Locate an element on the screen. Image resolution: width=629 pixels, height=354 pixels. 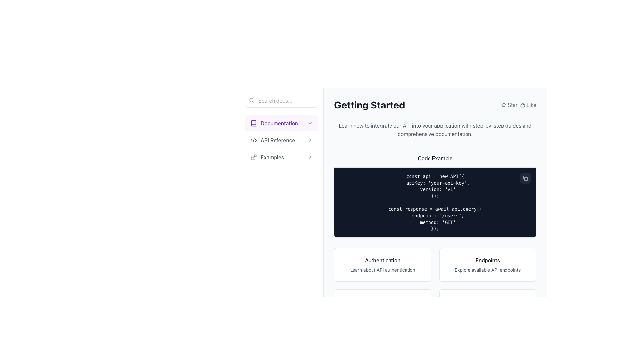
the Text label that indicates the functionality of liking or acknowledging content, located to the right of the thumbs-up icon at the top-right corner of the interface is located at coordinates (531, 105).